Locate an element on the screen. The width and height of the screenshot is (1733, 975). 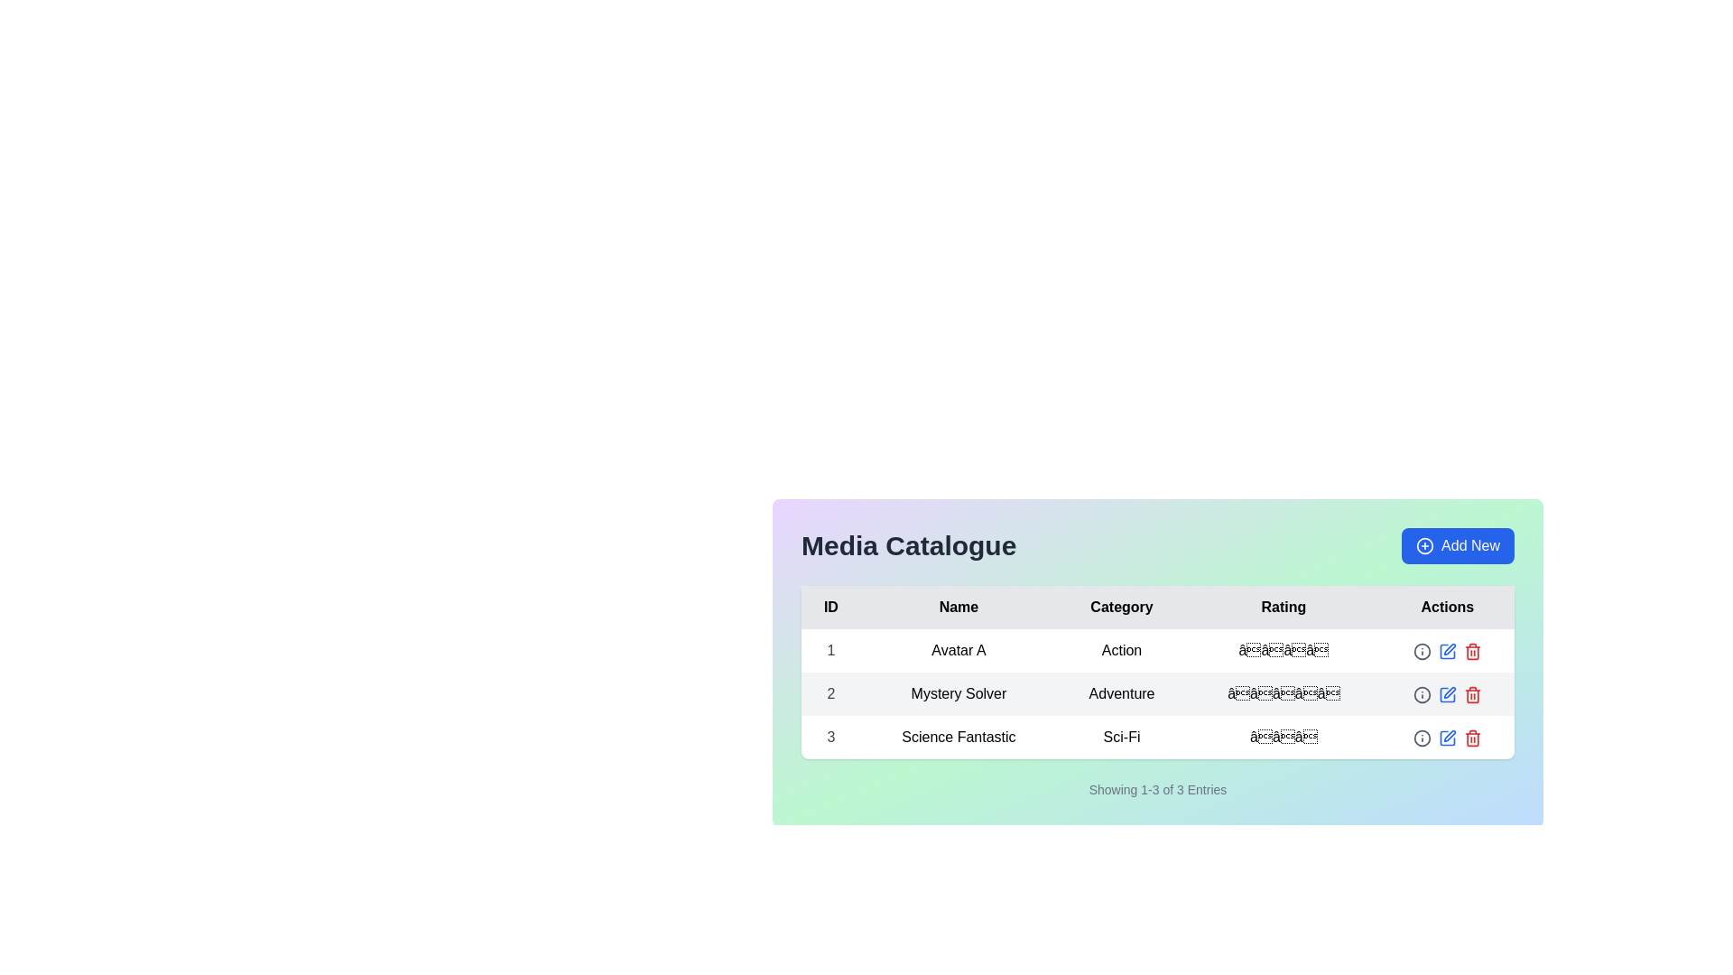
the circular add icon to the left of the 'Add New' label in the blue button located at the top-right corner of the 'Media Catalogue' panel is located at coordinates (1424, 545).